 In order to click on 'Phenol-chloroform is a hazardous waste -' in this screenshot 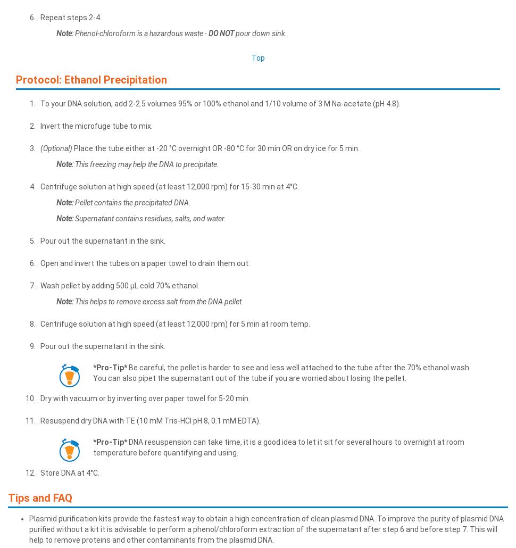, I will do `click(140, 33)`.